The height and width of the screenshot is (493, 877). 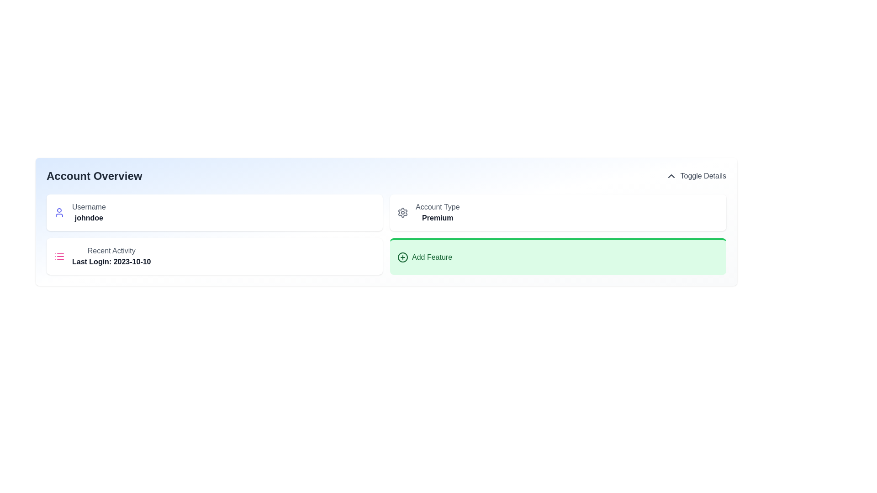 What do you see at coordinates (402, 257) in the screenshot?
I see `the circle icon containing a plus sign, located to the left of the 'Add Feature' text, to initiate the addition of a new feature` at bounding box center [402, 257].